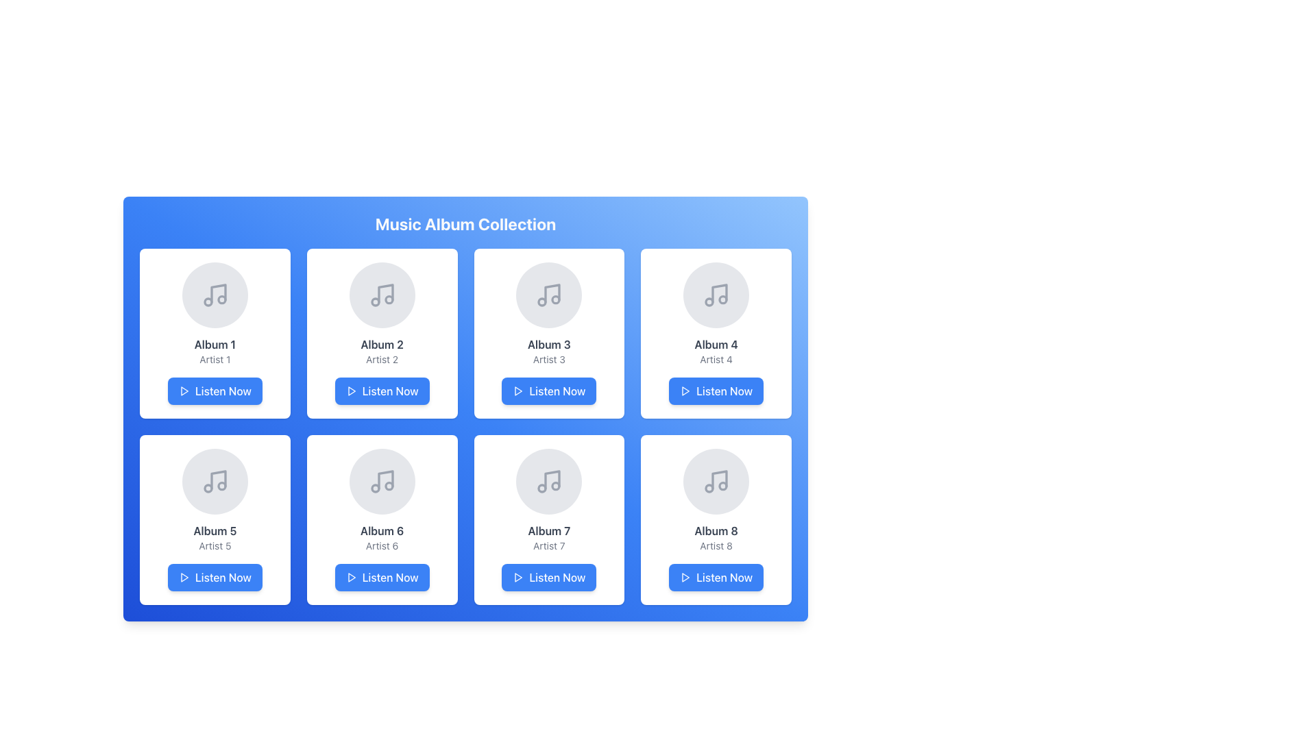 The height and width of the screenshot is (740, 1316). What do you see at coordinates (517, 391) in the screenshot?
I see `the triangular 'play' icon outlined in the current color that is located within the blue 'Listen Now' button under the 'Album 3' card in the album grid` at bounding box center [517, 391].